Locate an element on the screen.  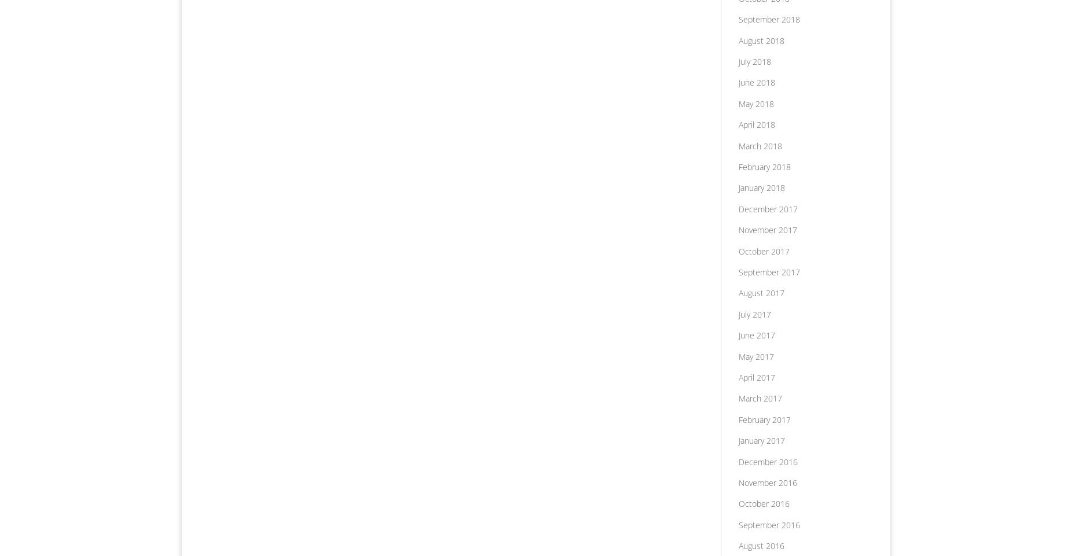
'January 2018' is located at coordinates (760, 187).